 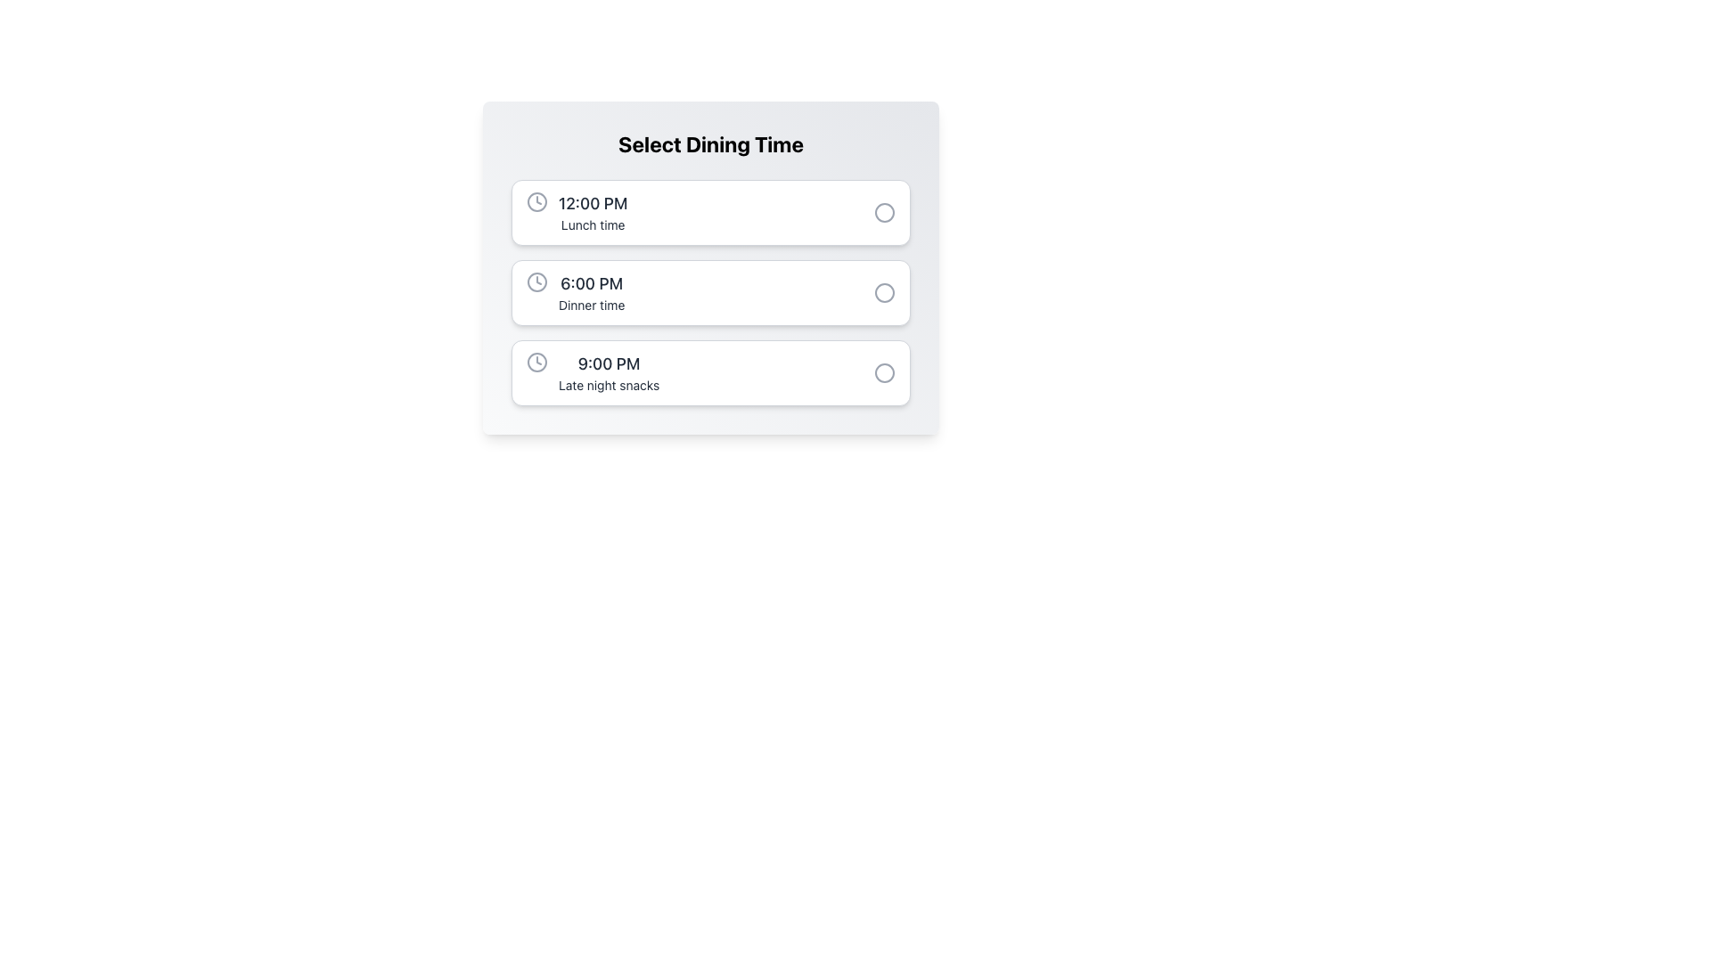 I want to click on the visual state of the circular SVG element styled in gray, located to the right of the text '12:00 PM' within the '12:00 PM Lunch time' panel, so click(x=885, y=212).